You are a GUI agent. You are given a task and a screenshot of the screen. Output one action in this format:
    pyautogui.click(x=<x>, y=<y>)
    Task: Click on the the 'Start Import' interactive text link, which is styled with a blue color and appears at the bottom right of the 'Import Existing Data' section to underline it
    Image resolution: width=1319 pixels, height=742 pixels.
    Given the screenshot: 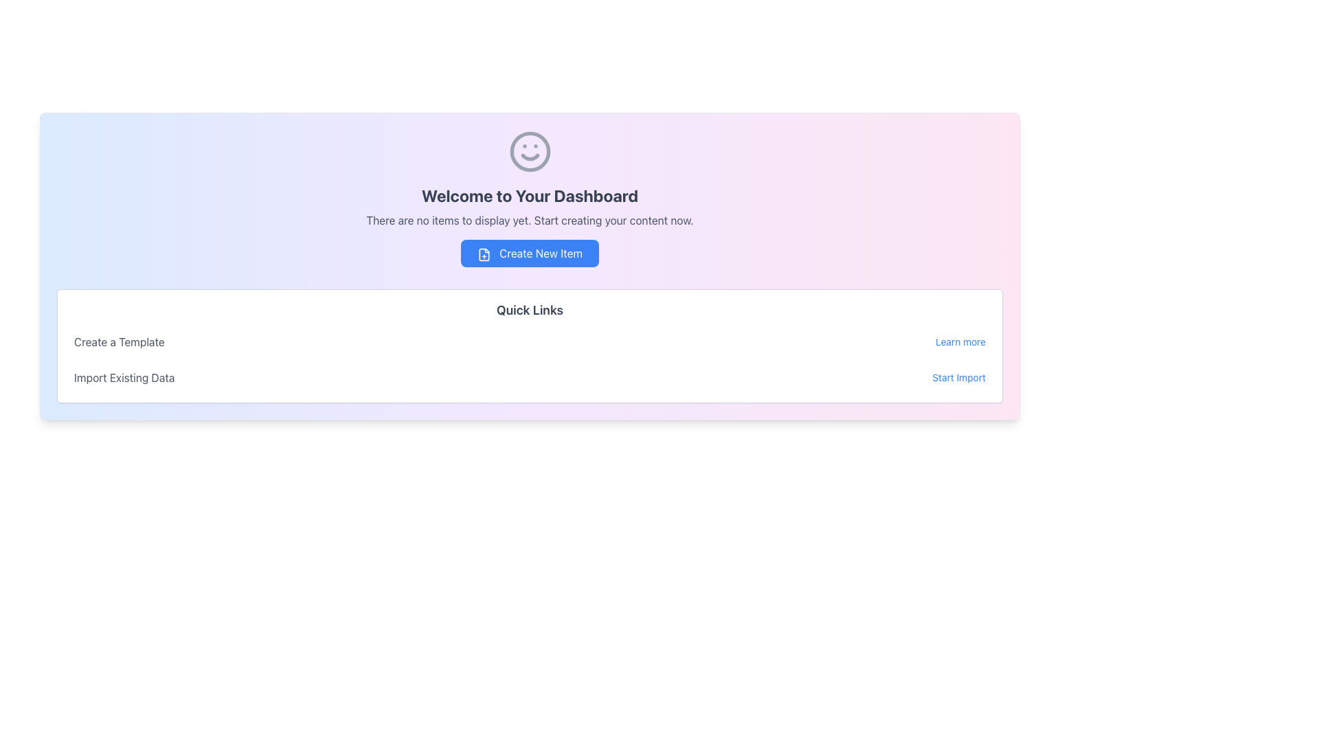 What is the action you would take?
    pyautogui.click(x=958, y=378)
    